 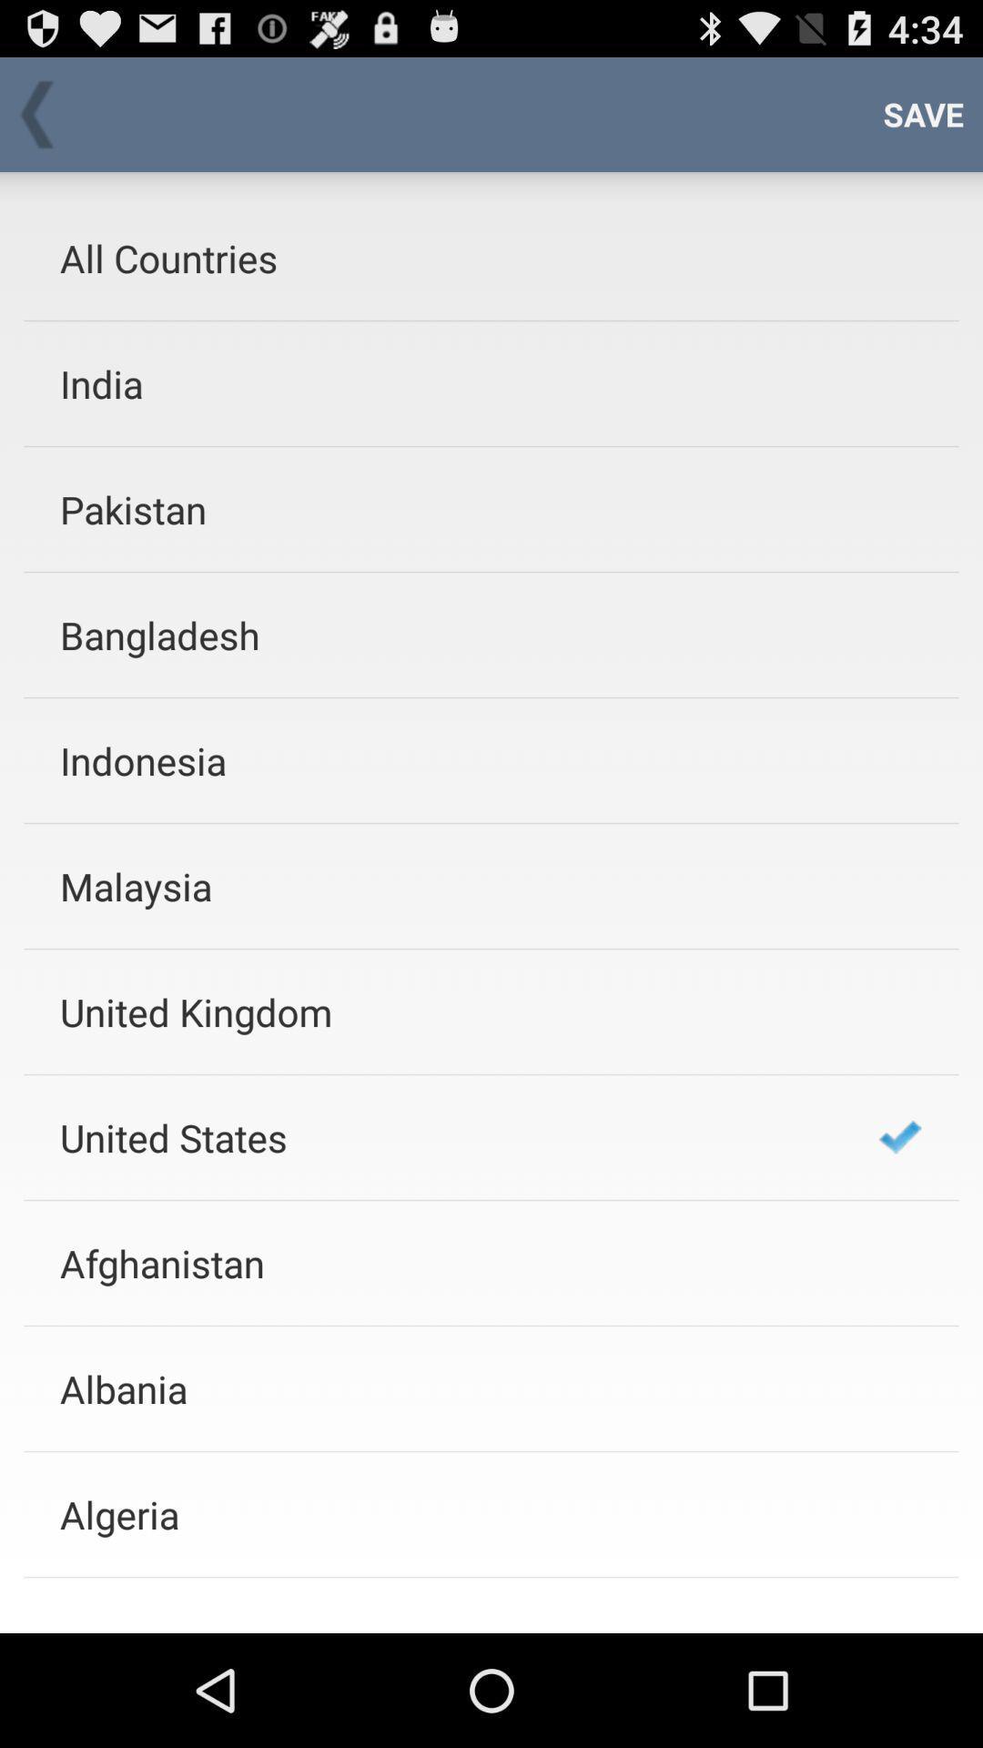 What do you see at coordinates (445, 886) in the screenshot?
I see `the item above the united kingdom` at bounding box center [445, 886].